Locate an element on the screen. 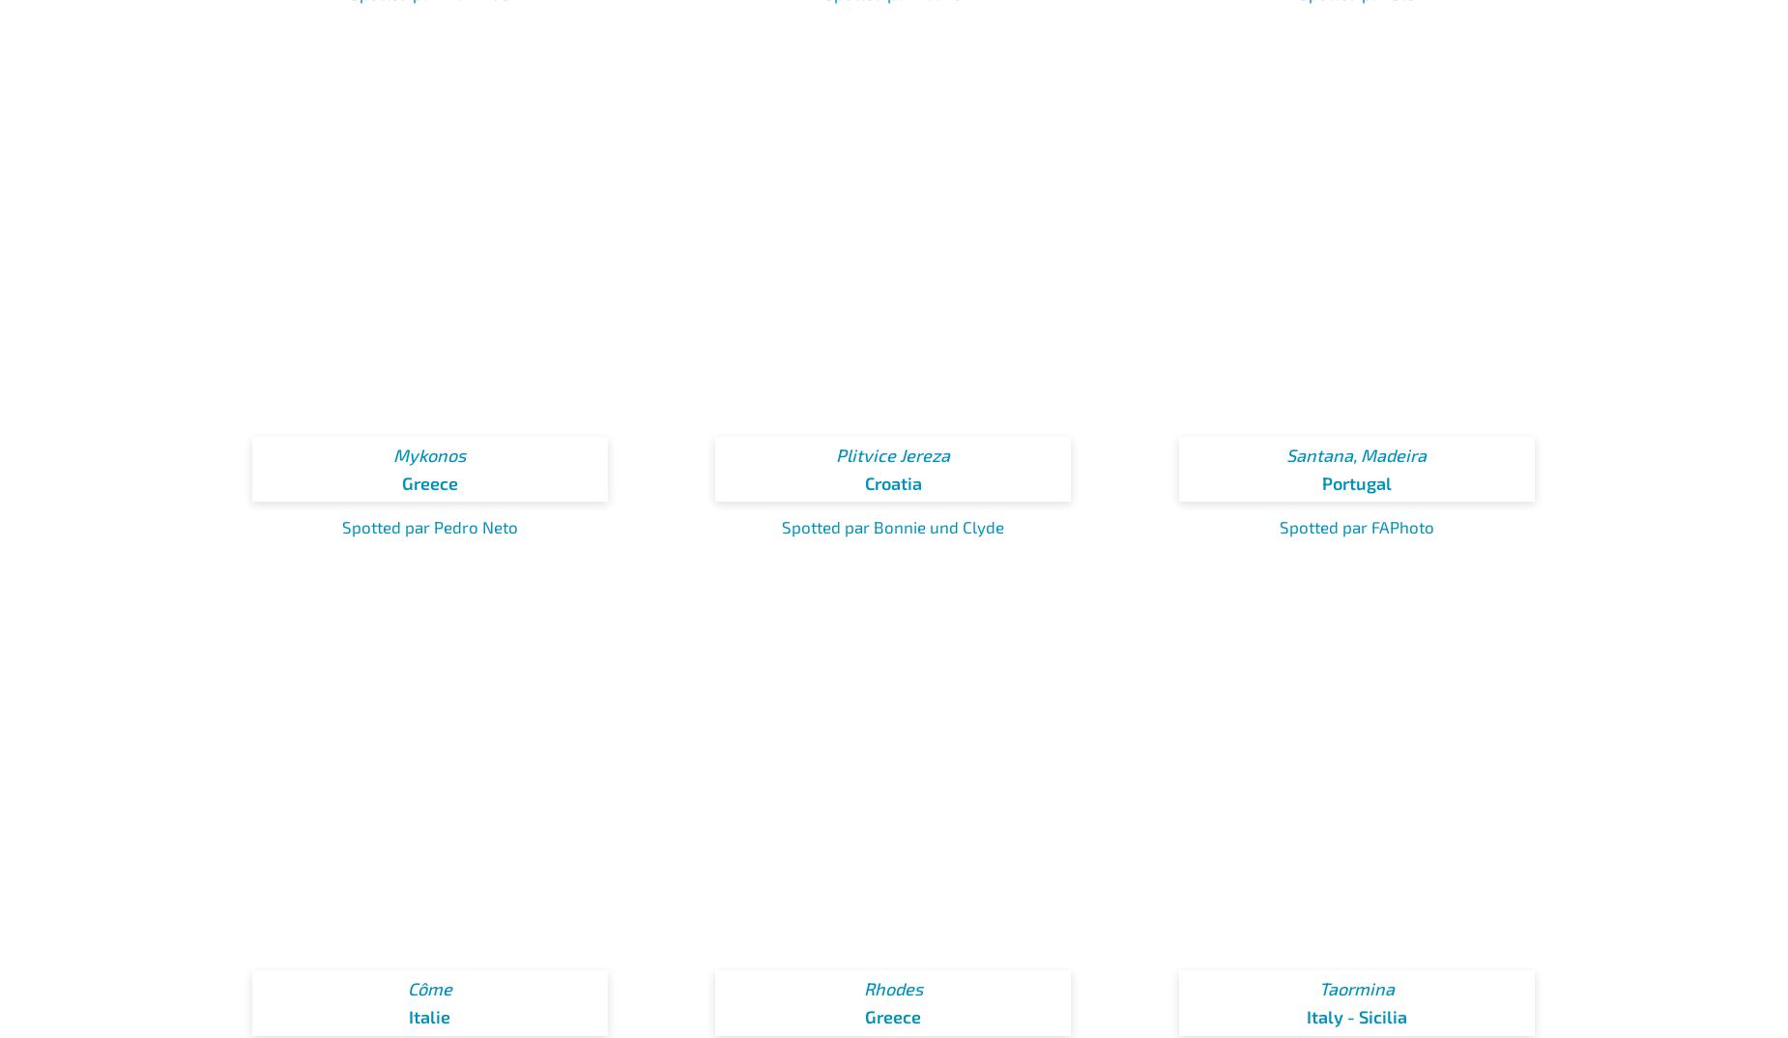 The width and height of the screenshot is (1788, 1038). 'Spotted par FAPhoto' is located at coordinates (1277, 525).